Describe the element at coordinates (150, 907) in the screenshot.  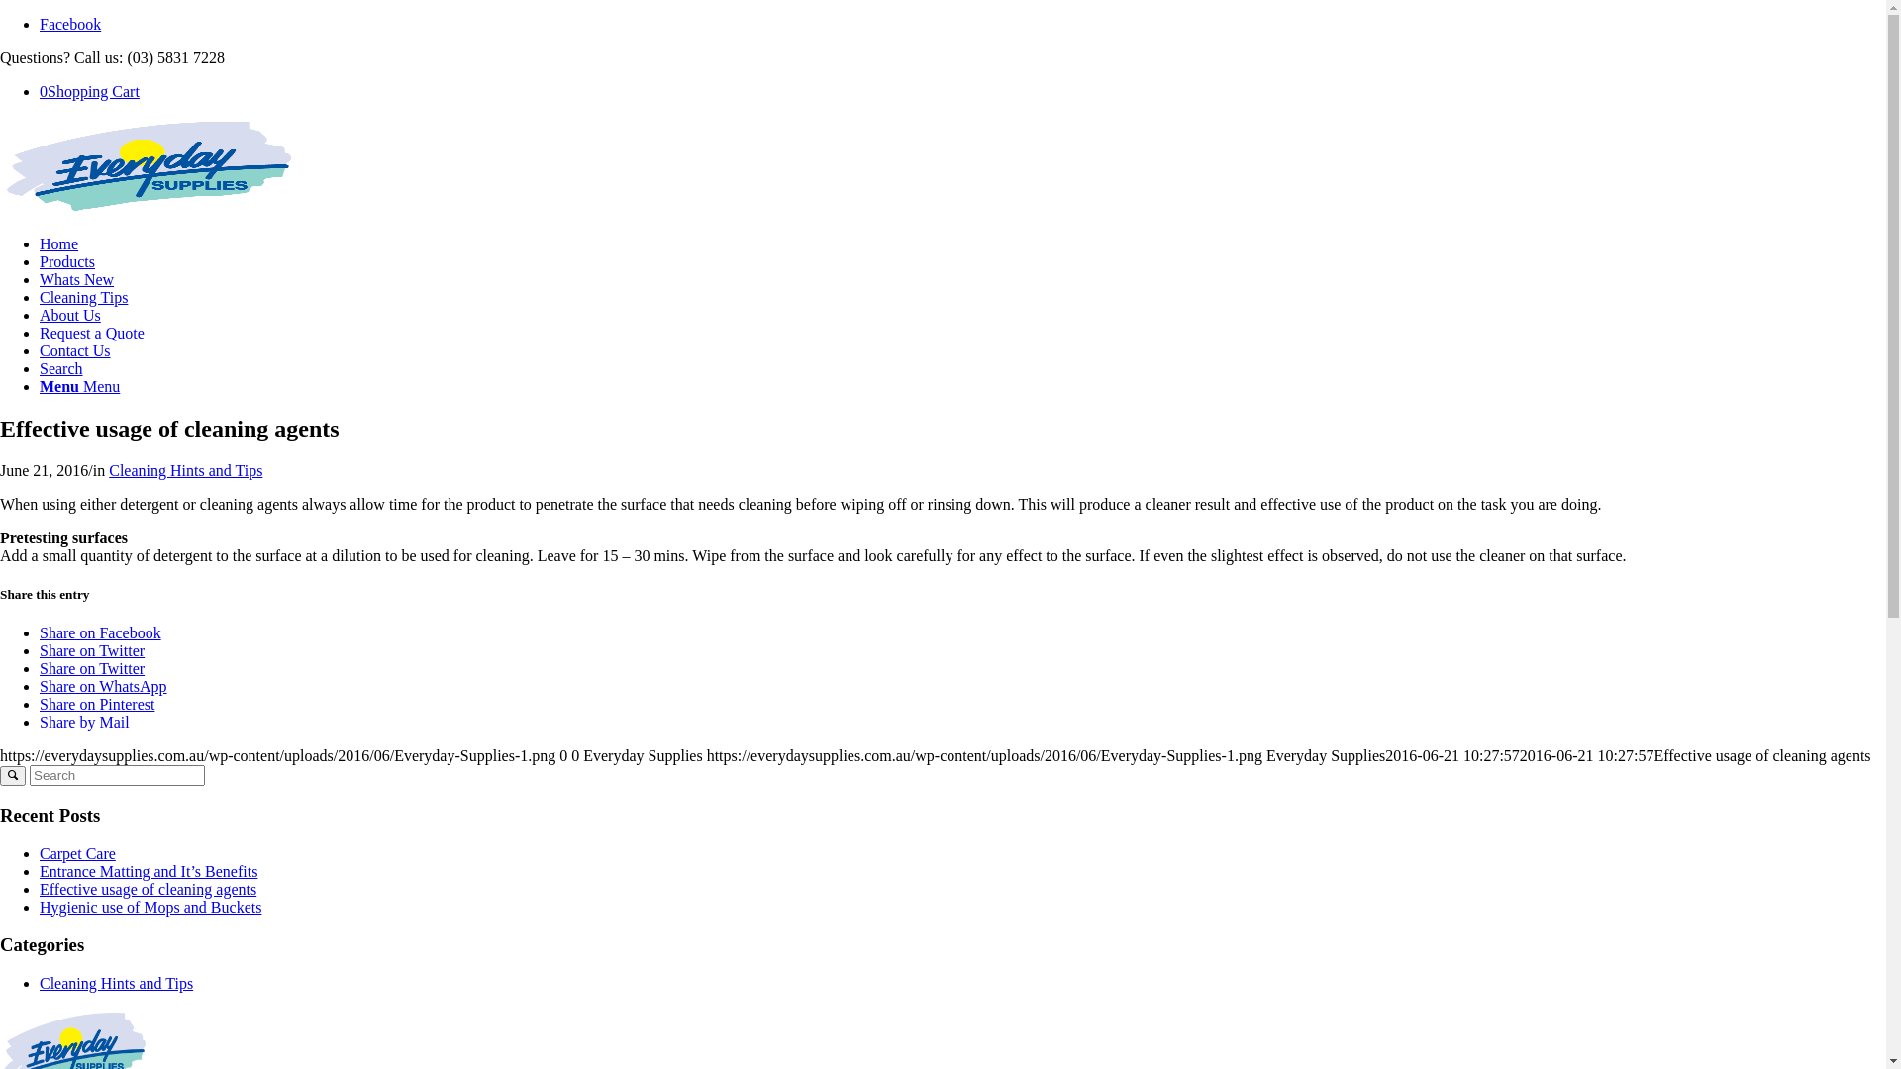
I see `'Hygienic use of Mops and Buckets'` at that location.